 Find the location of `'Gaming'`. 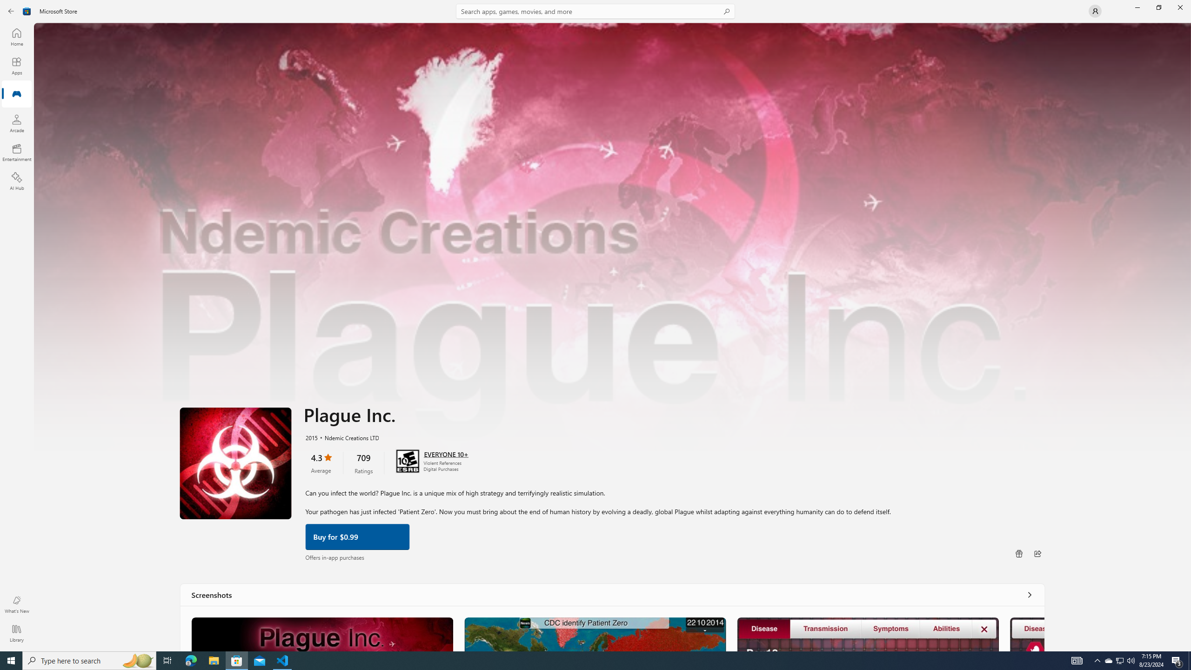

'Gaming' is located at coordinates (16, 94).